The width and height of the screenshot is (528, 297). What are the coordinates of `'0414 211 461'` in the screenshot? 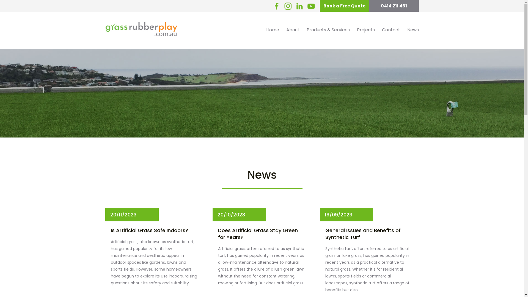 It's located at (393, 6).